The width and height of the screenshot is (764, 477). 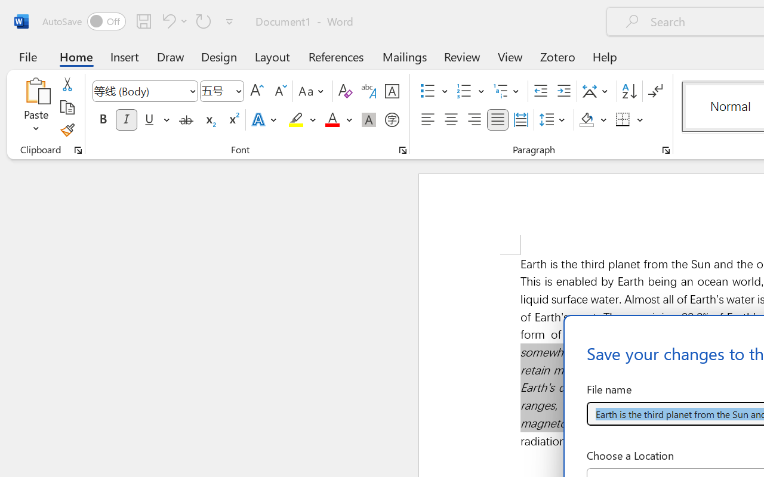 What do you see at coordinates (563, 91) in the screenshot?
I see `'Increase Indent'` at bounding box center [563, 91].